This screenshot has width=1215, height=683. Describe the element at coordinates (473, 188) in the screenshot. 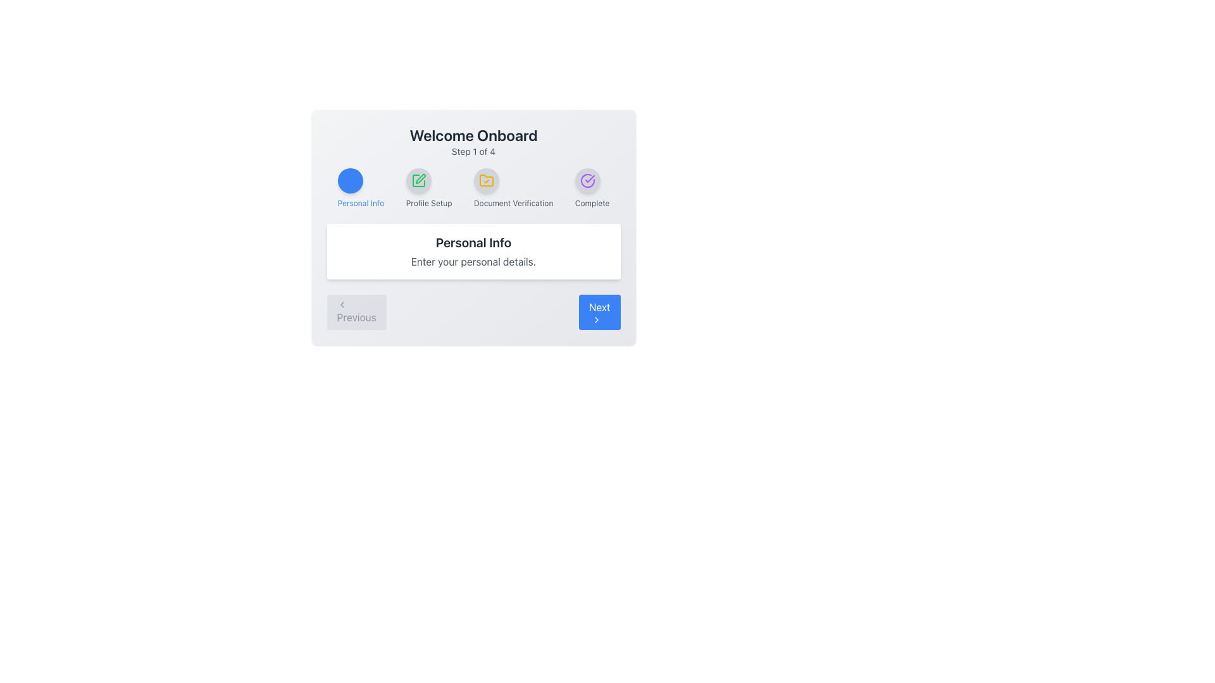

I see `the Progress indicator step` at that location.